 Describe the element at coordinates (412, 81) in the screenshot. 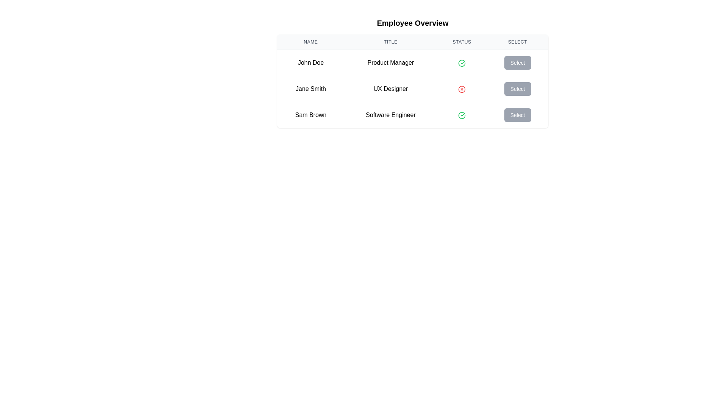

I see `the row in the Employee Overview table` at that location.